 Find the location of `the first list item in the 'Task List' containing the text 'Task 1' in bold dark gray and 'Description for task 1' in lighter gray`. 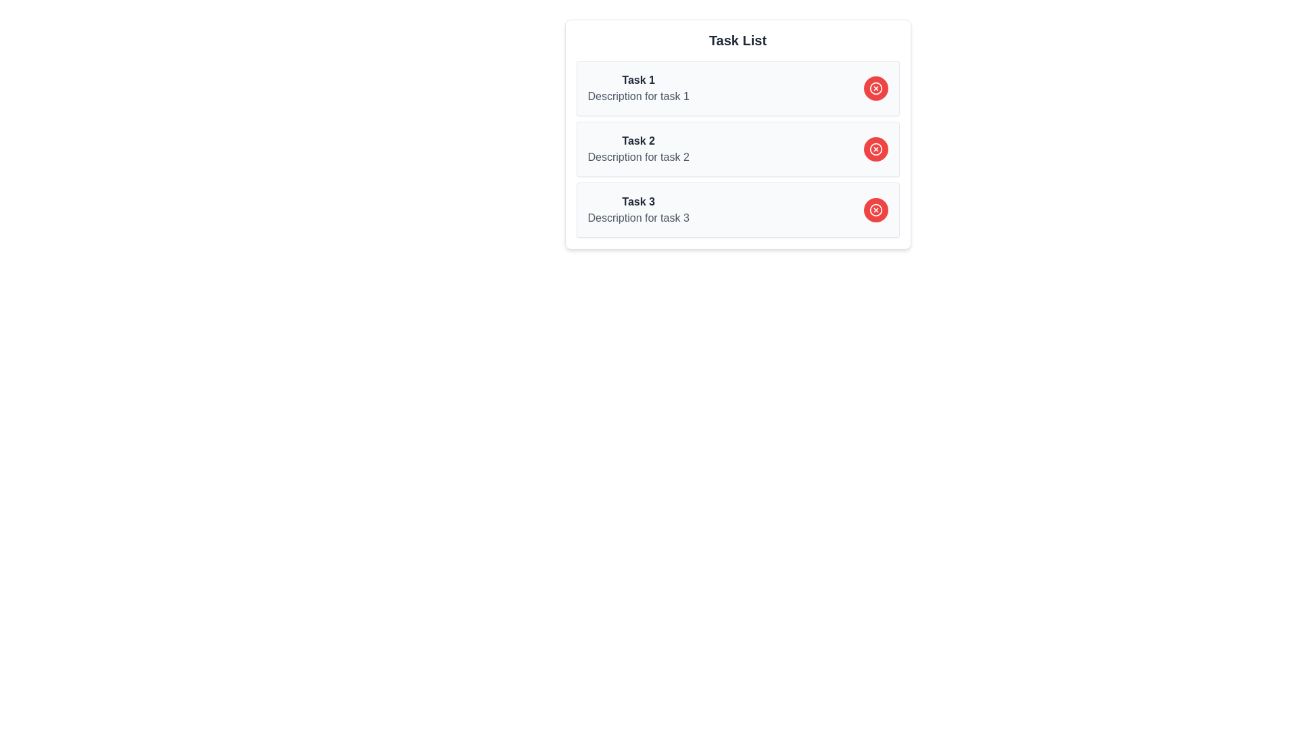

the first list item in the 'Task List' containing the text 'Task 1' in bold dark gray and 'Description for task 1' in lighter gray is located at coordinates (638, 89).